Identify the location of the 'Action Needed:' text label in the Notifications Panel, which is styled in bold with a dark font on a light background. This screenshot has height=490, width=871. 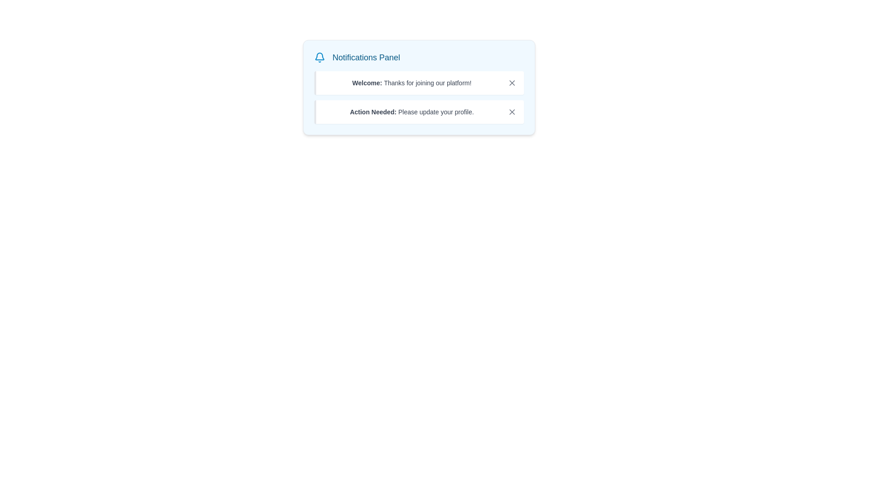
(374, 111).